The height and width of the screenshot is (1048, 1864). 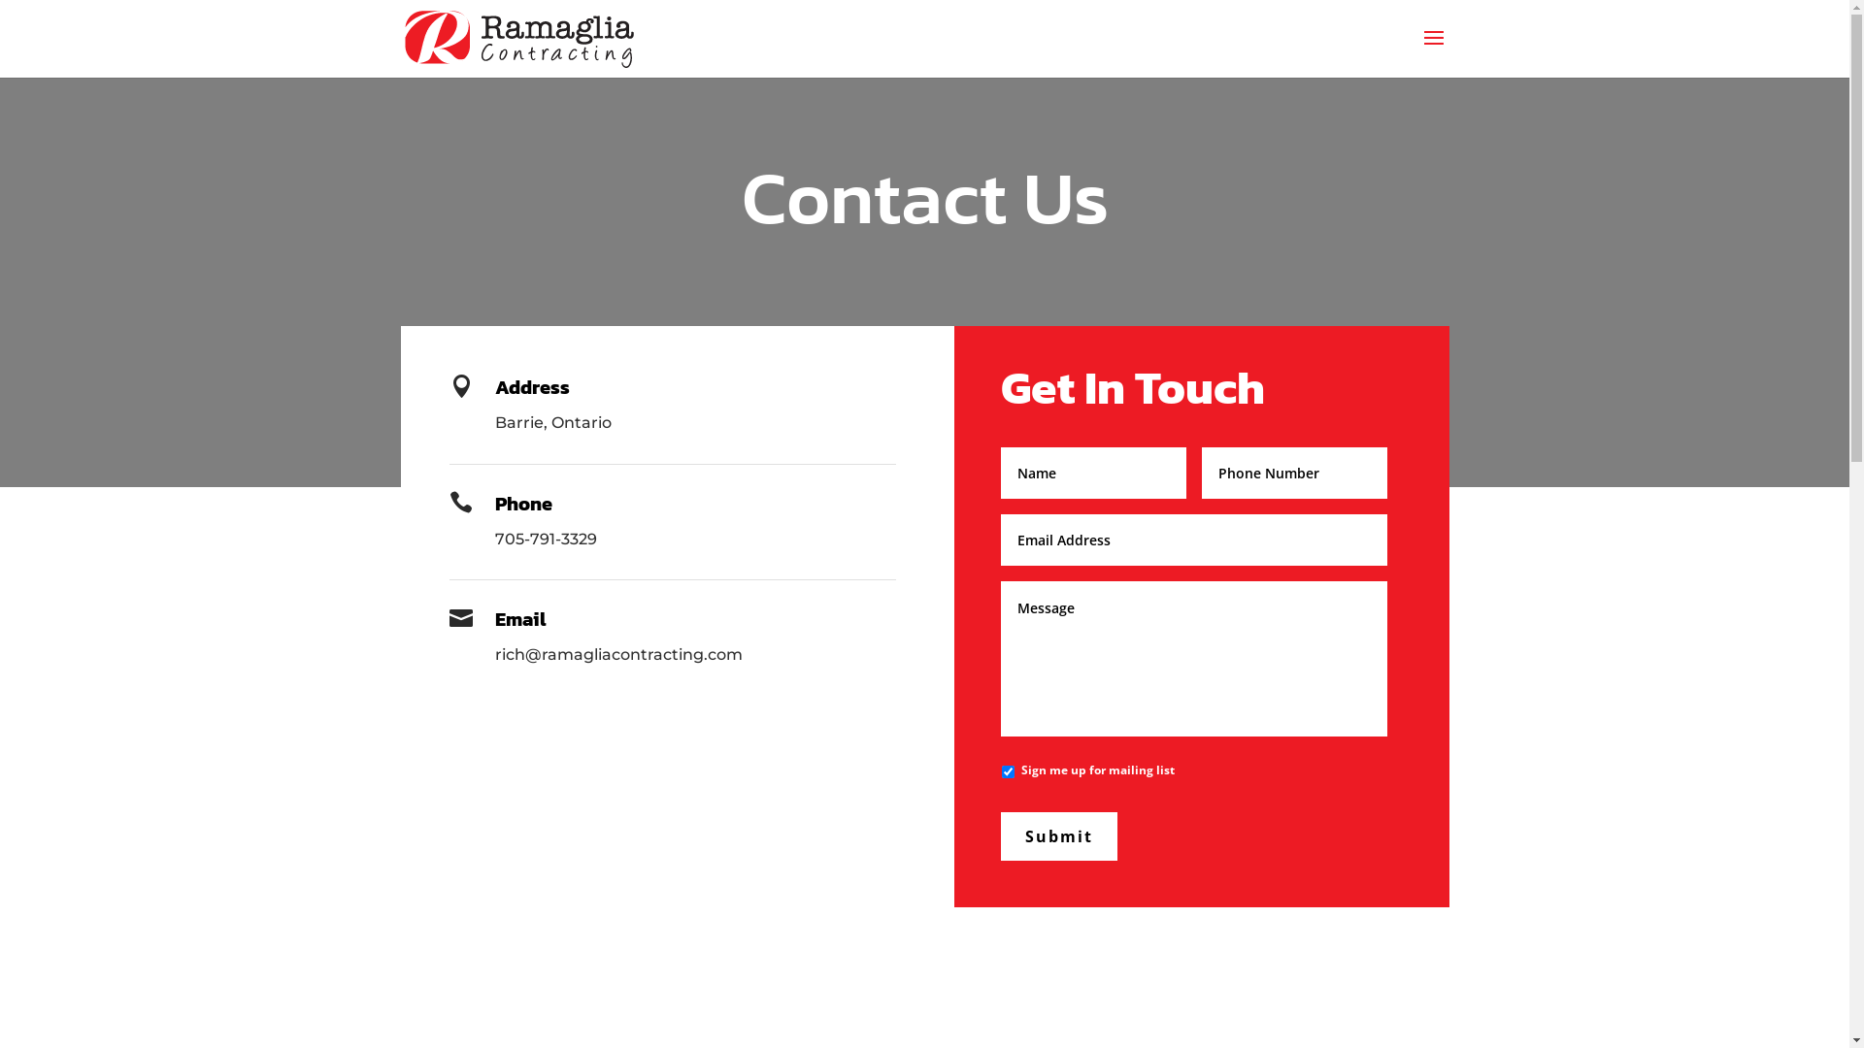 I want to click on 'Submit', so click(x=1057, y=835).